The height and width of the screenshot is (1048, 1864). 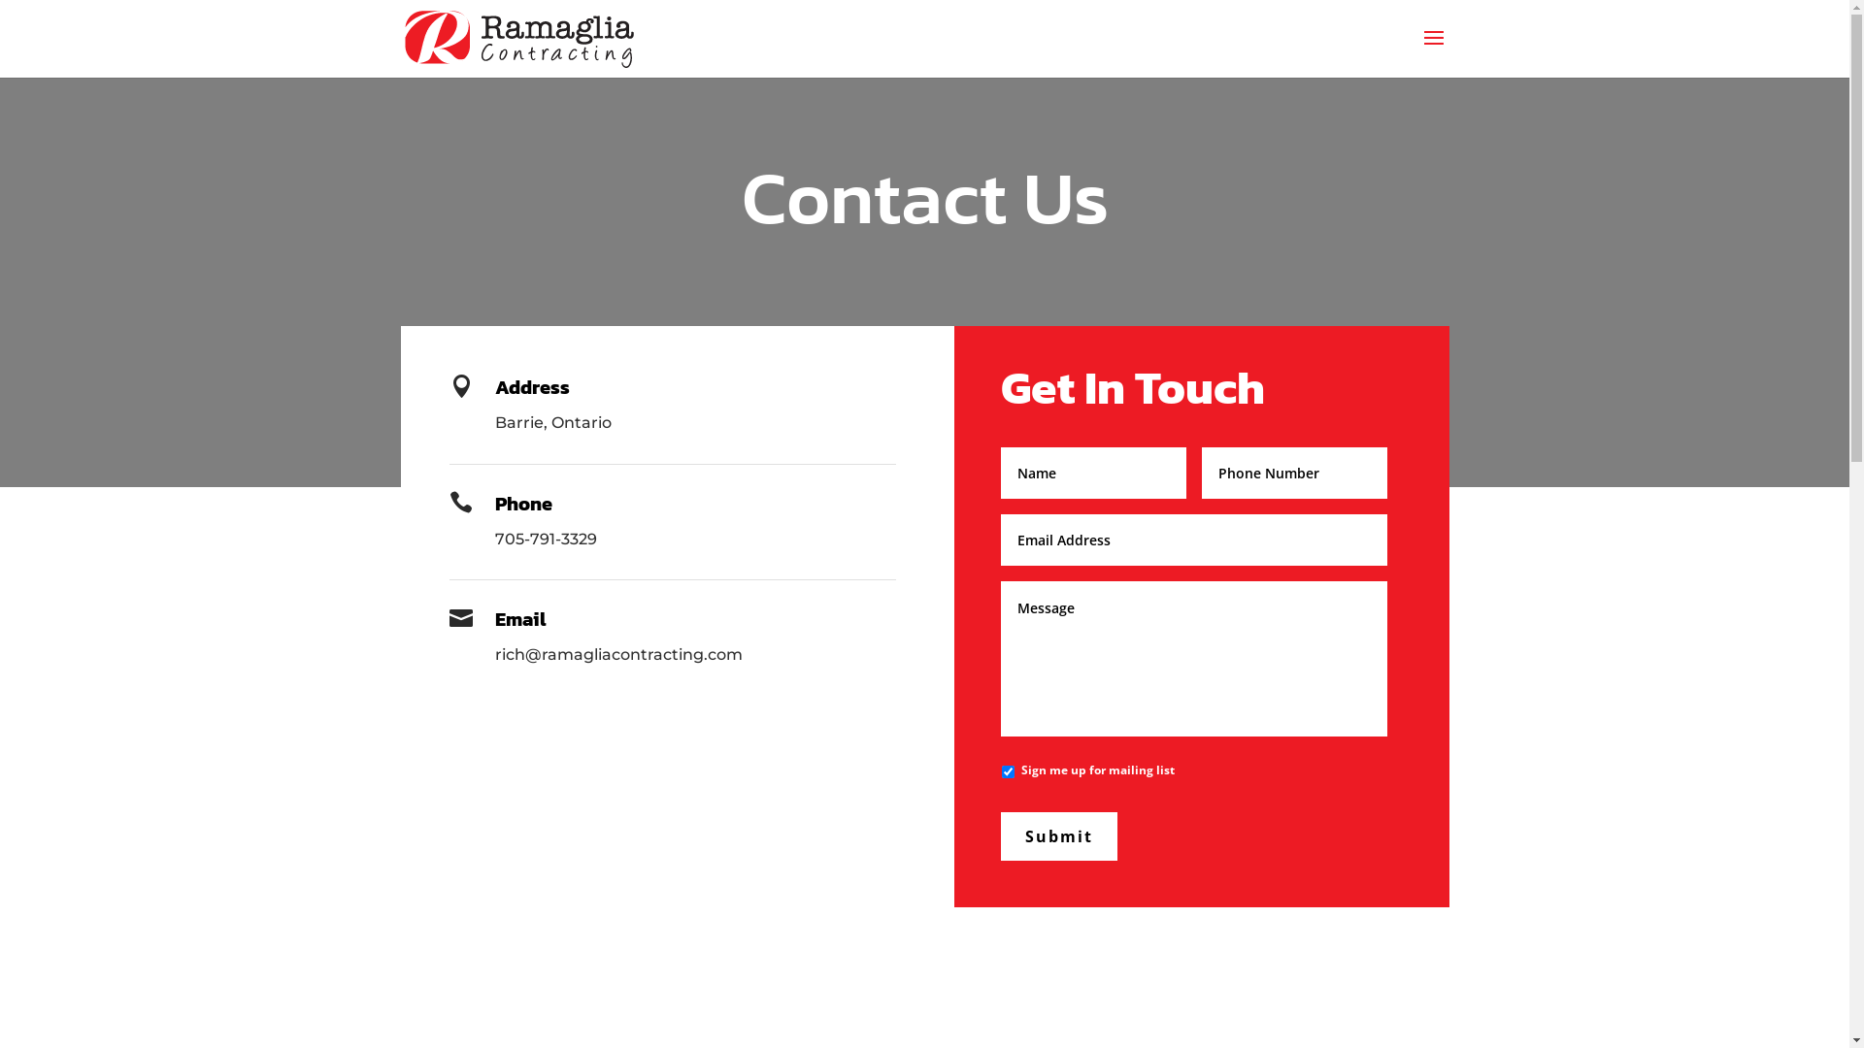 I want to click on 'Submit', so click(x=1057, y=835).